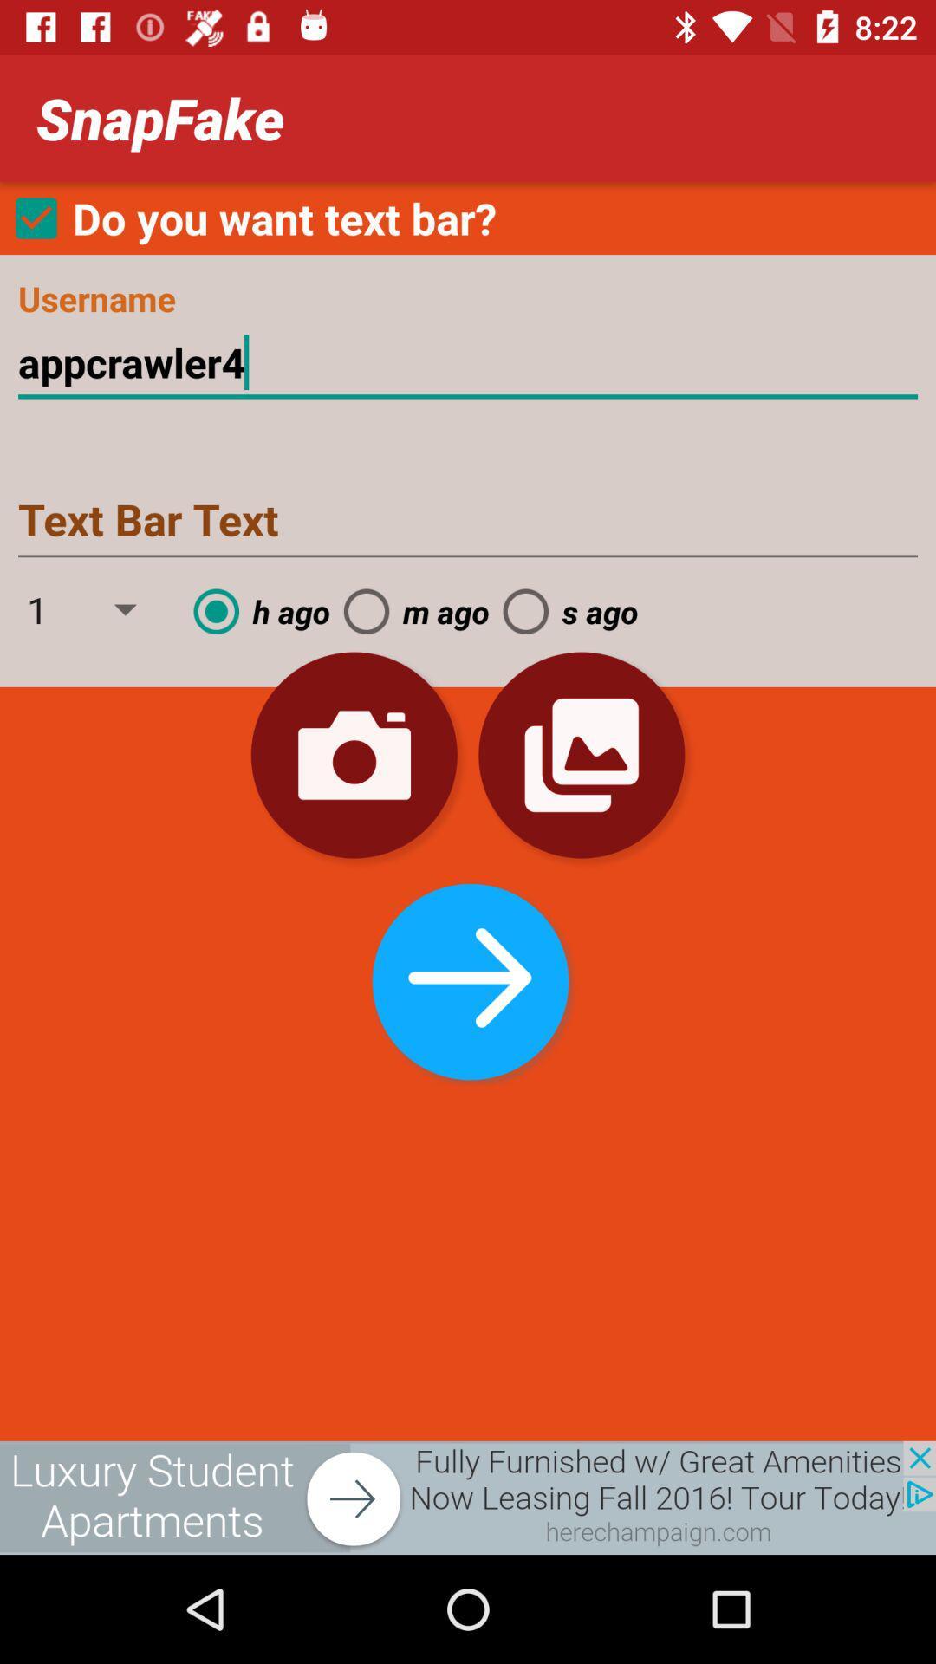  Describe the element at coordinates (582, 755) in the screenshot. I see `copy` at that location.